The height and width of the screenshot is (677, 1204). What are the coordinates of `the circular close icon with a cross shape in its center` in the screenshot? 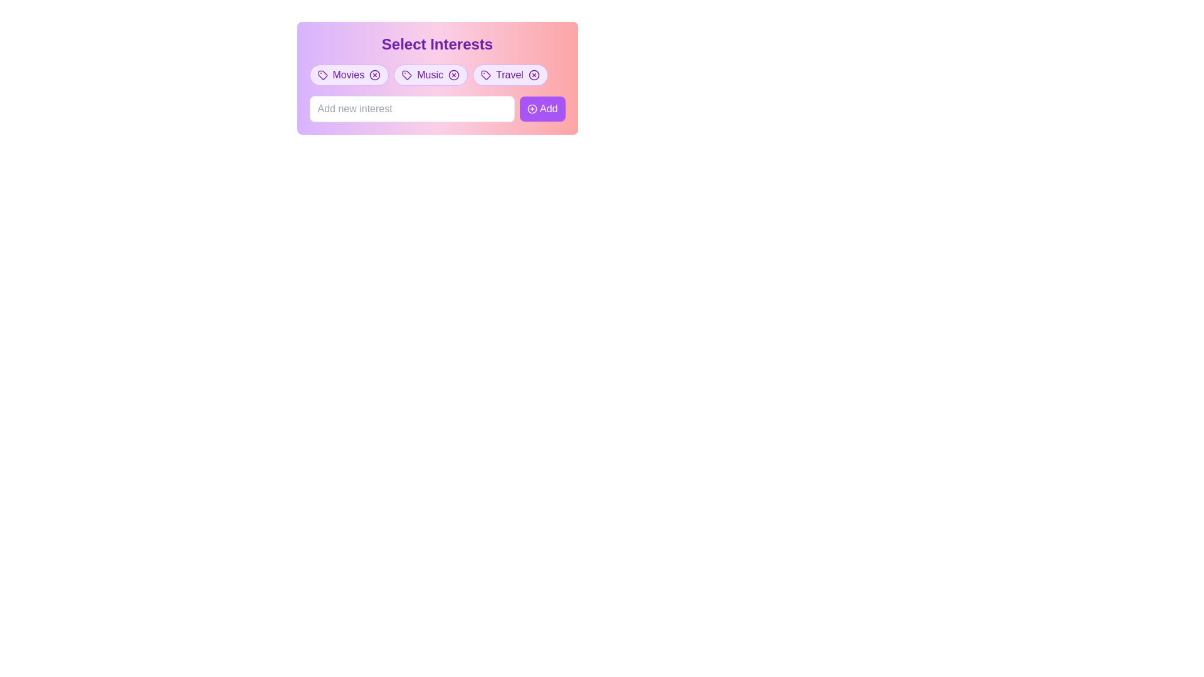 It's located at (374, 75).